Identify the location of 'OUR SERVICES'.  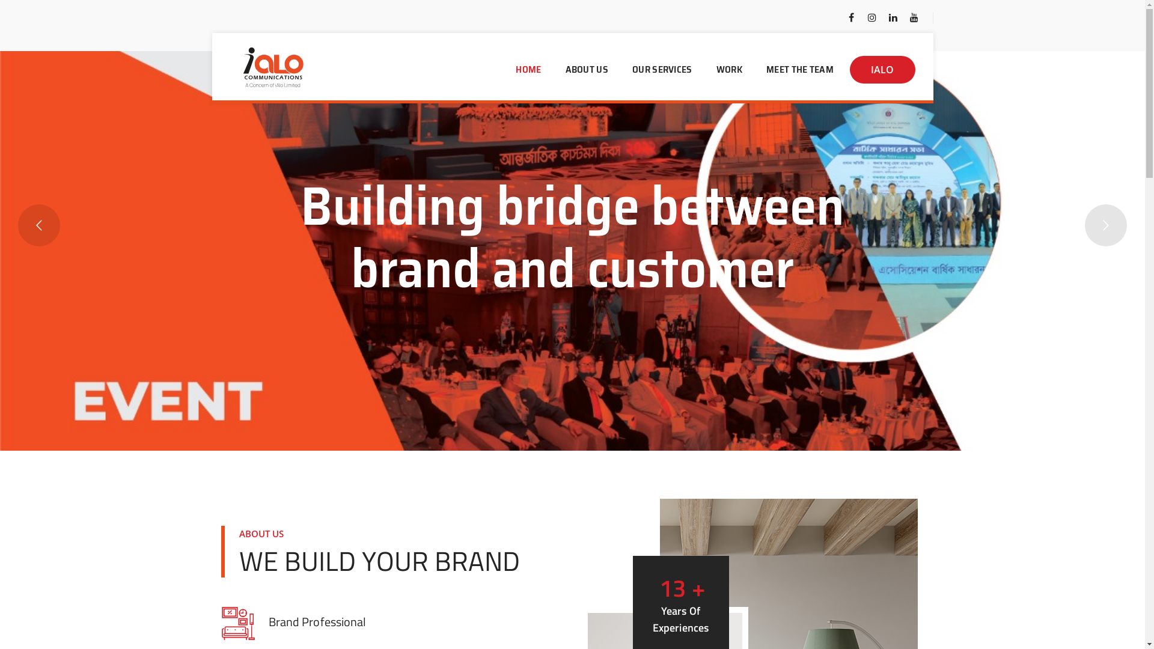
(621, 69).